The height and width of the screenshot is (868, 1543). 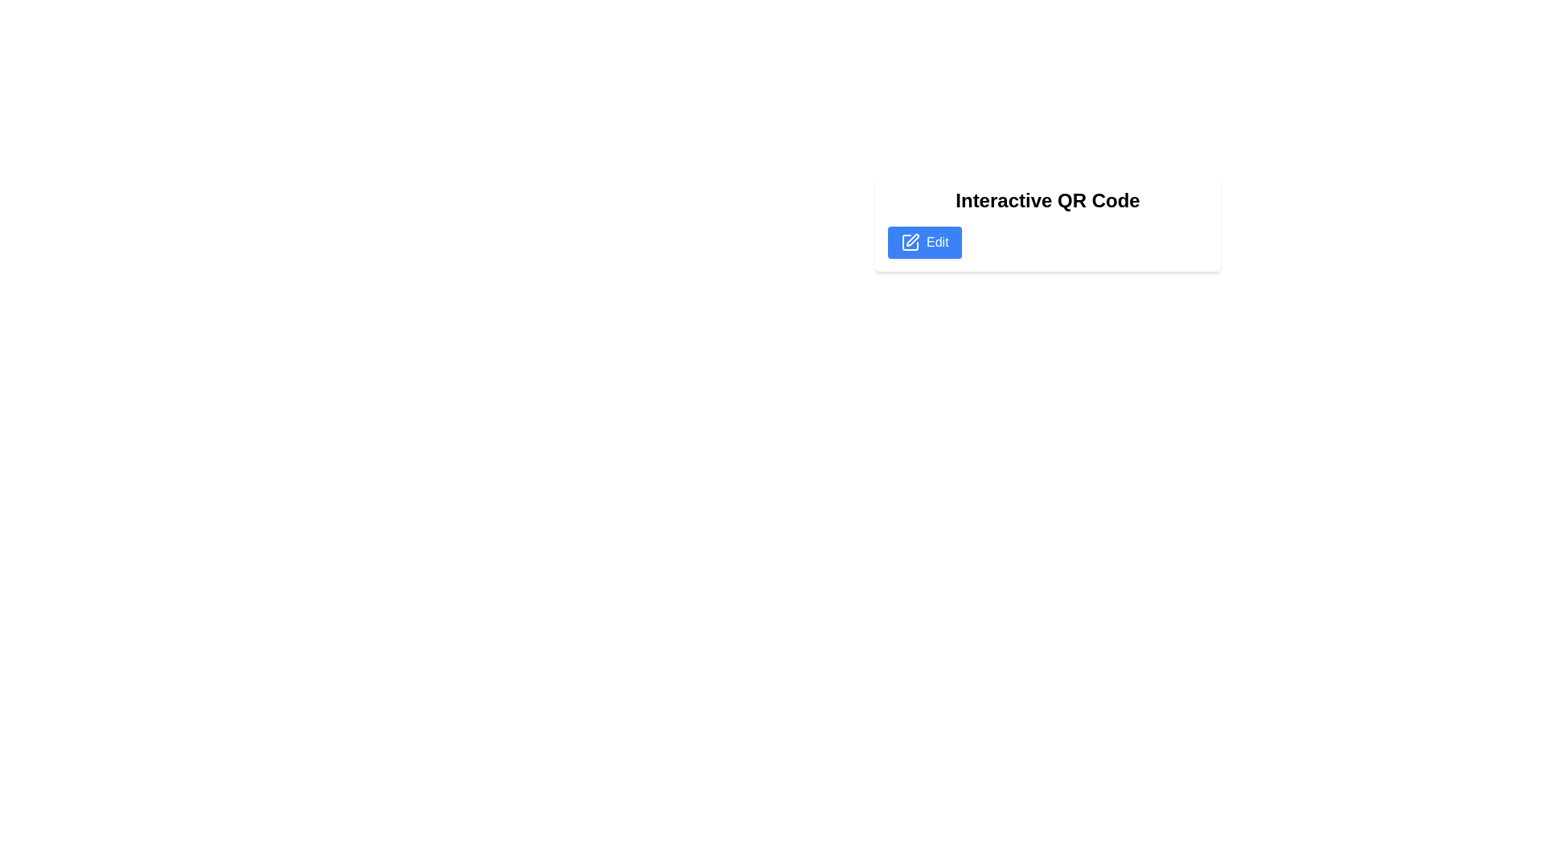 What do you see at coordinates (910, 242) in the screenshot?
I see `the decorative icon indicating the editing functionality, located inside a button in the bottom-left part of the main content section, preceding the text 'Edit'` at bounding box center [910, 242].